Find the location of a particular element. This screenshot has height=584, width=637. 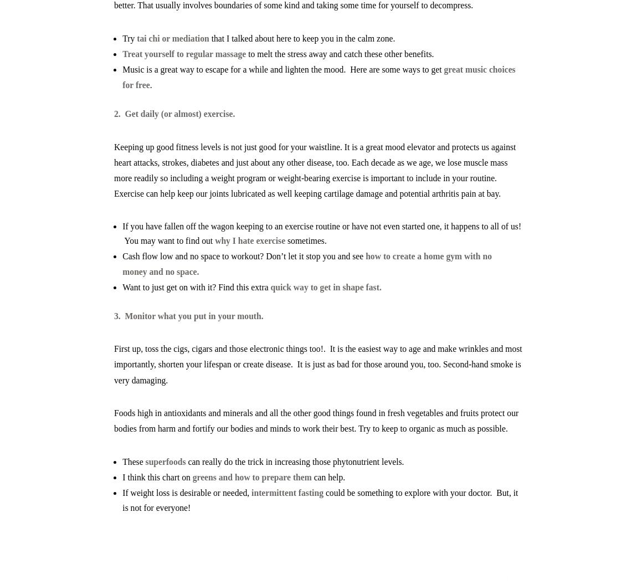

'Foods high in antioxidants and minerals and all the other good things found in fresh vegetables and fruits protect our bodies from harm and fortify our bodies and minds to work their best. Try to keep to organic as much as possible.' is located at coordinates (316, 421).